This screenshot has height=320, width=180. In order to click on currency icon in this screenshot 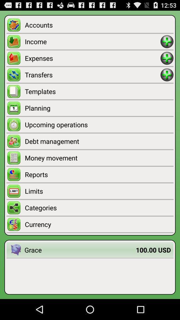, I will do `click(99, 224)`.